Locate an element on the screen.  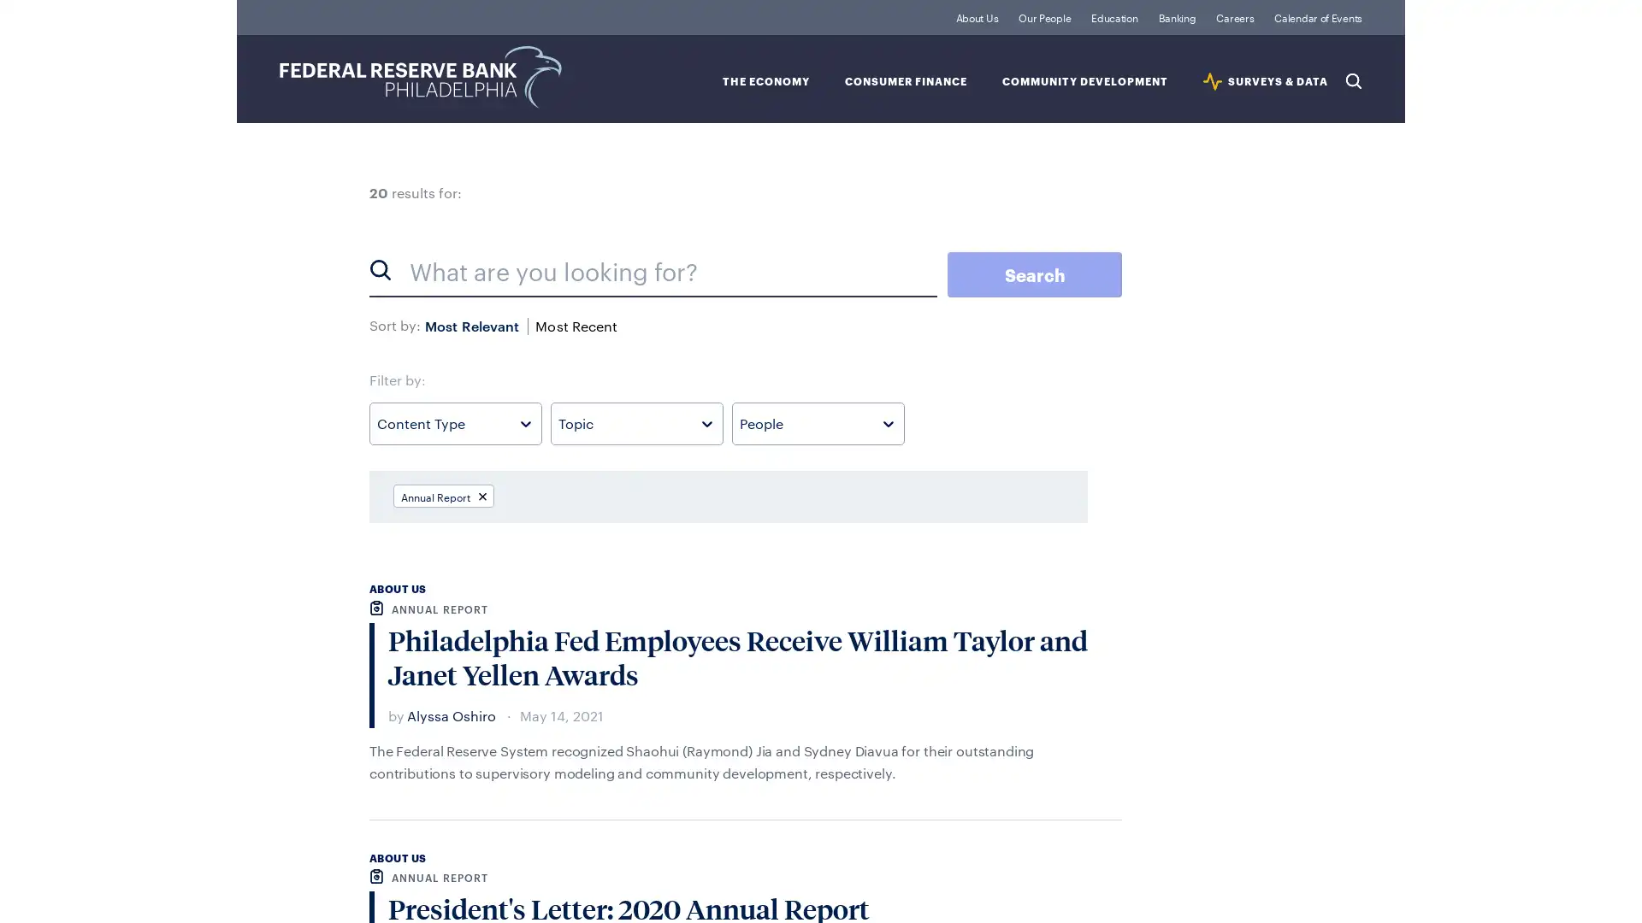
Most Recent is located at coordinates (576, 326).